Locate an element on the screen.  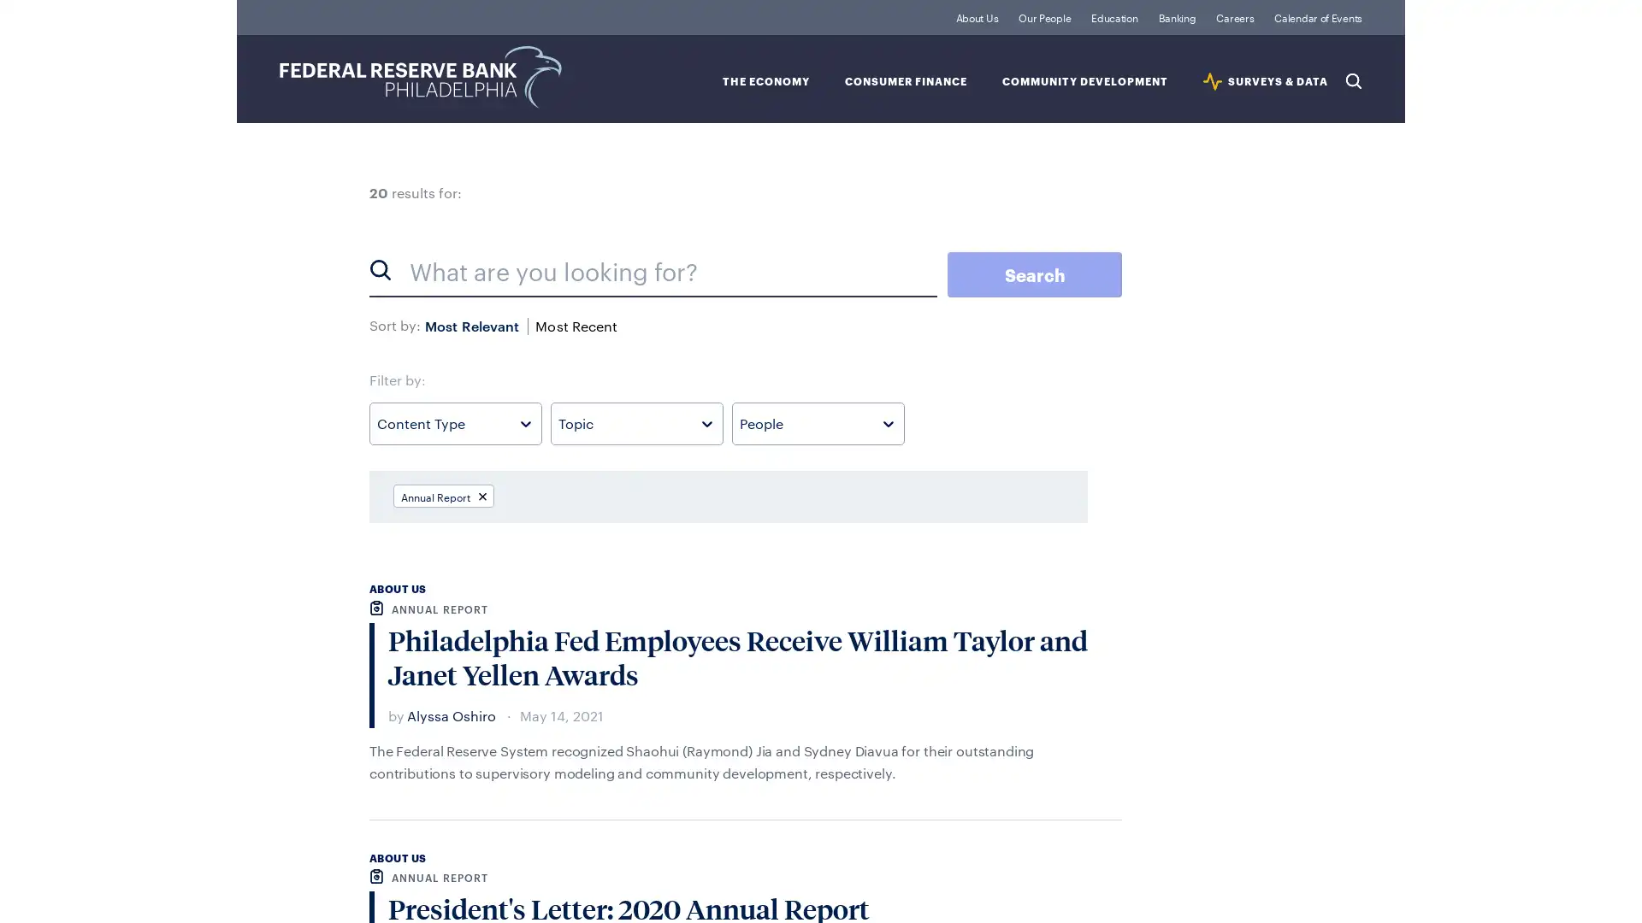
Most Recent is located at coordinates (576, 326).